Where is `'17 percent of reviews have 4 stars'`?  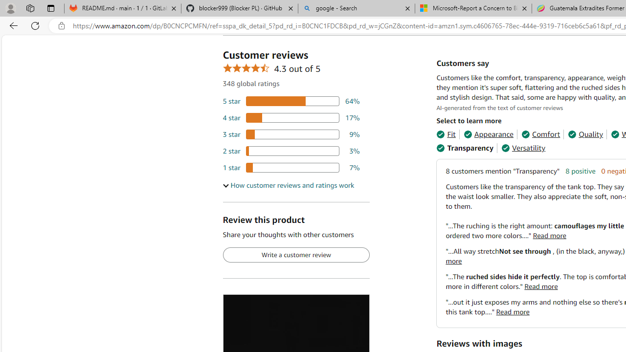 '17 percent of reviews have 4 stars' is located at coordinates (291, 117).